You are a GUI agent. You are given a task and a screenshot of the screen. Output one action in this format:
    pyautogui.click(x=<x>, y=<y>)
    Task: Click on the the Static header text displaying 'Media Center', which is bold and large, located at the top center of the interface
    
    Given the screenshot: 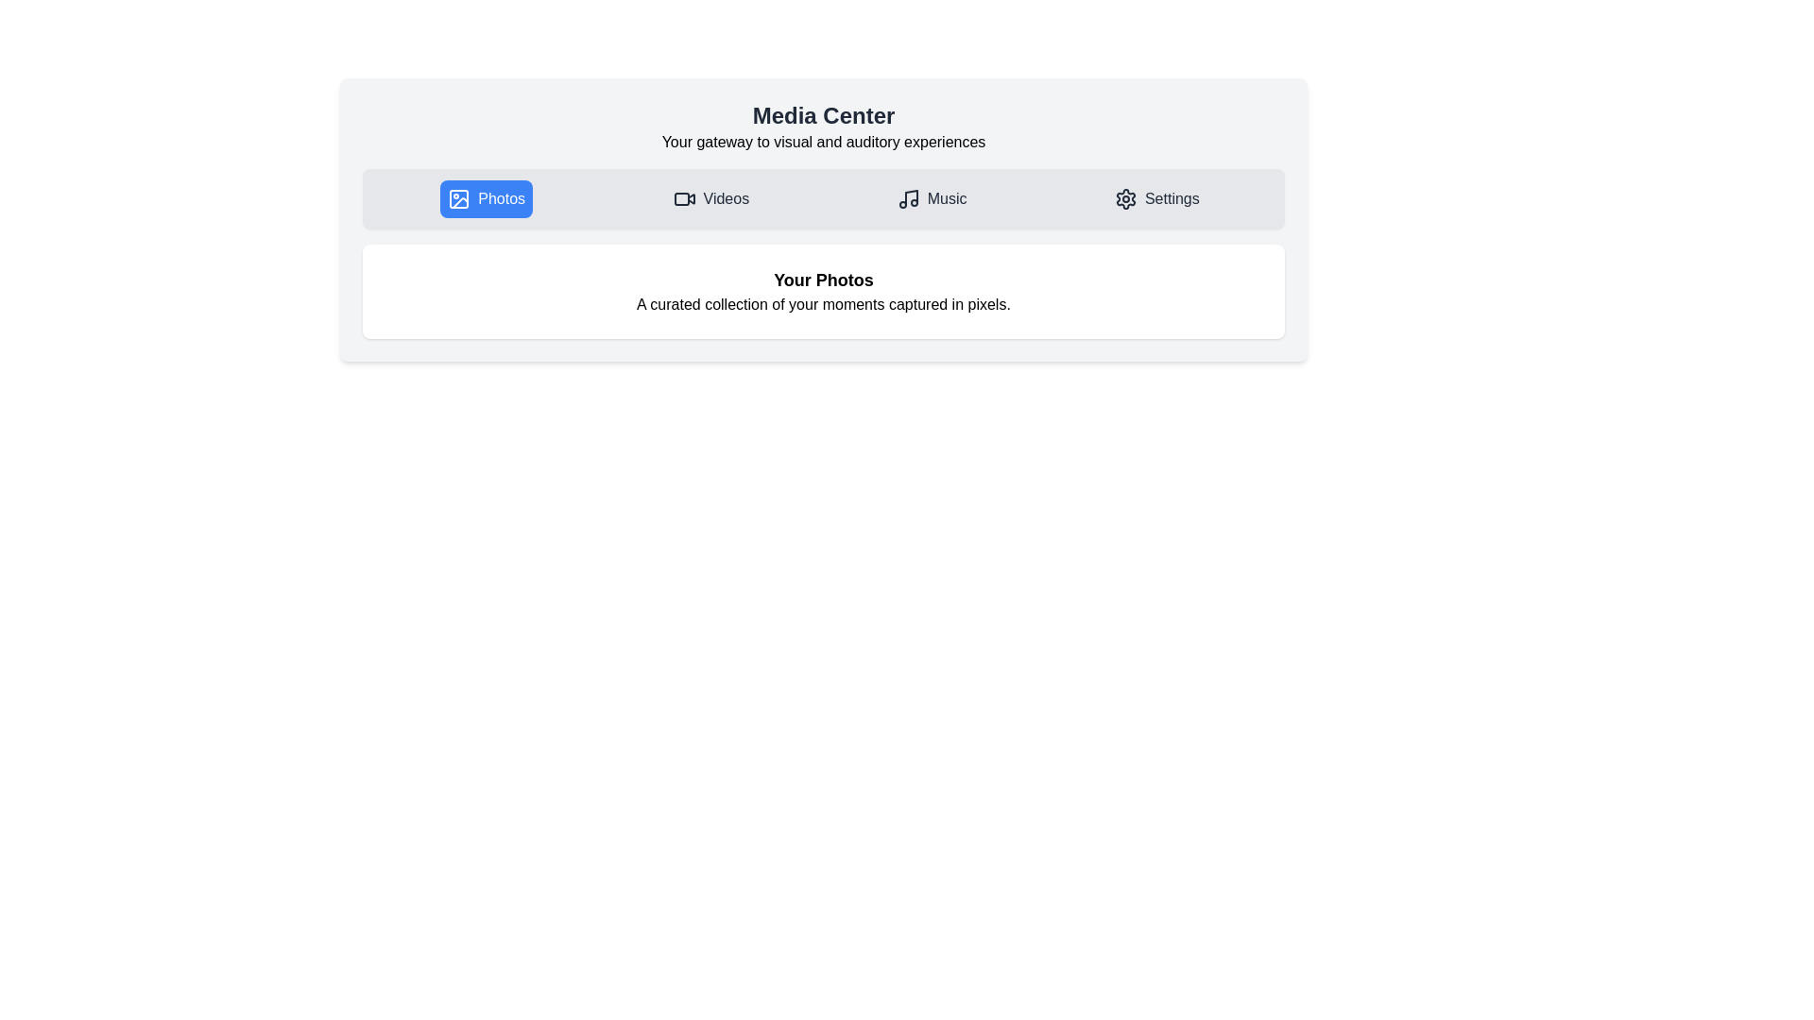 What is the action you would take?
    pyautogui.click(x=824, y=116)
    